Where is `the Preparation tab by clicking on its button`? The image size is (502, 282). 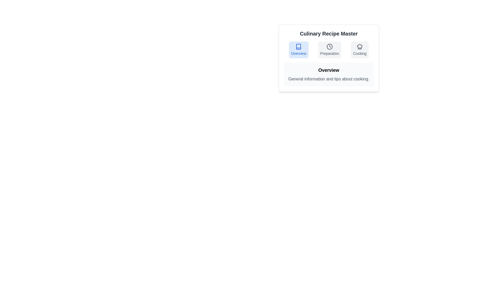
the Preparation tab by clicking on its button is located at coordinates (329, 50).